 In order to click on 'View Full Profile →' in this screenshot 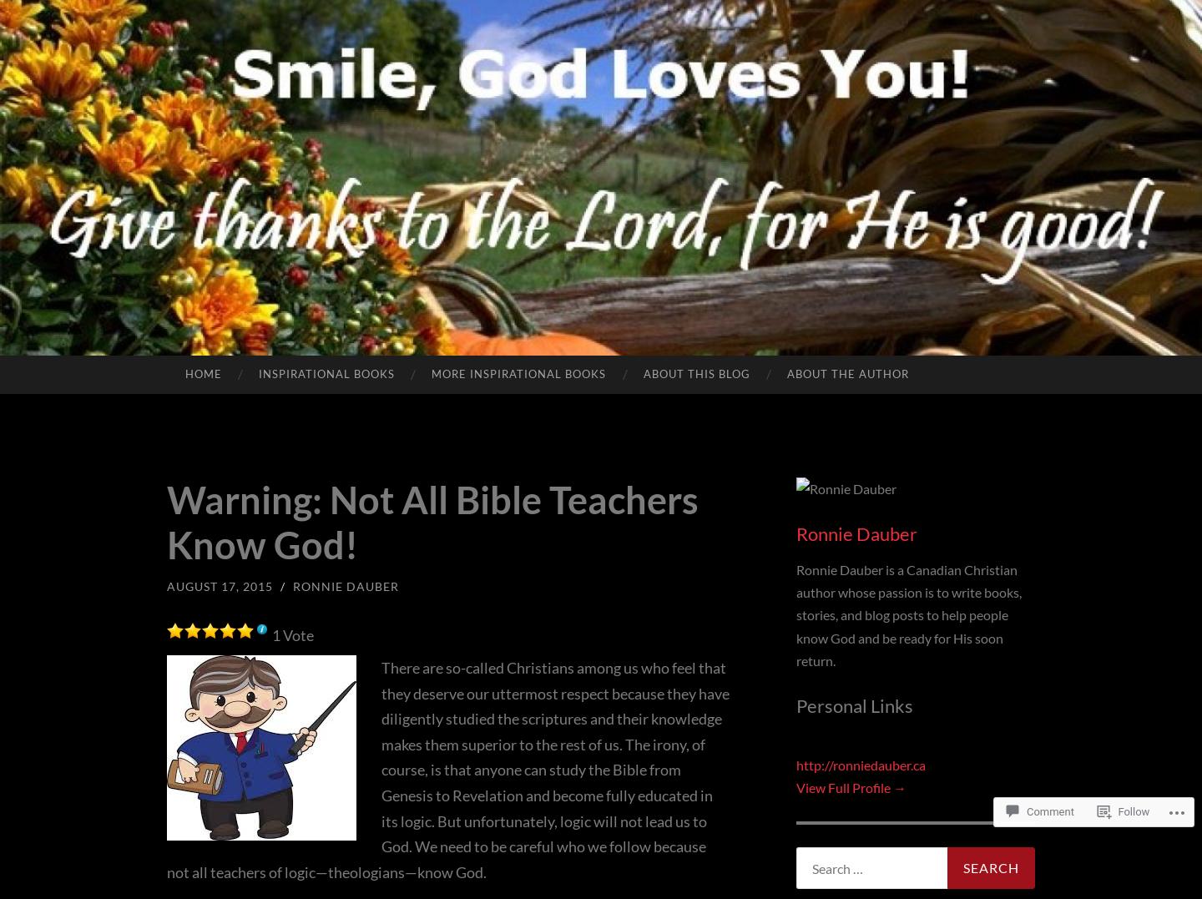, I will do `click(850, 785)`.